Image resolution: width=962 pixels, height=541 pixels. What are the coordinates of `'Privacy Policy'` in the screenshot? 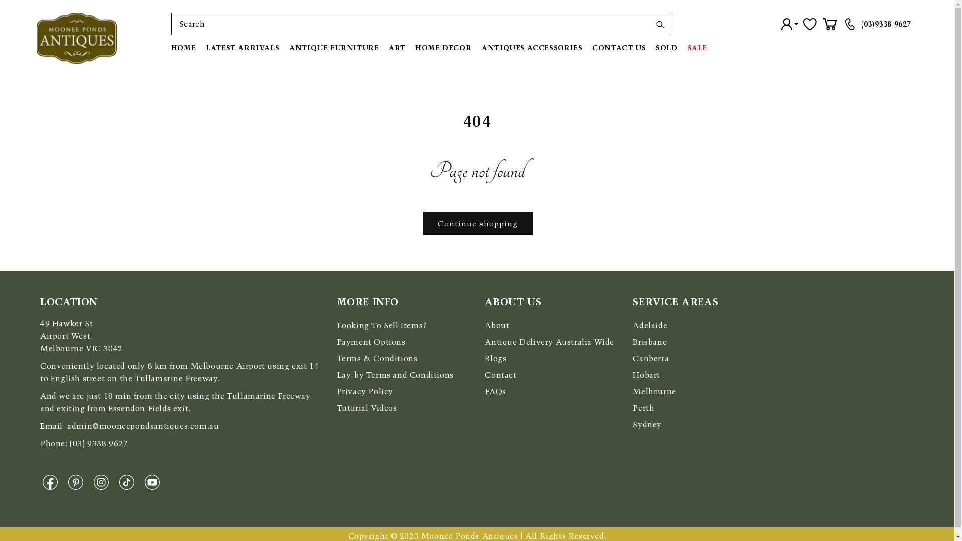 It's located at (364, 391).